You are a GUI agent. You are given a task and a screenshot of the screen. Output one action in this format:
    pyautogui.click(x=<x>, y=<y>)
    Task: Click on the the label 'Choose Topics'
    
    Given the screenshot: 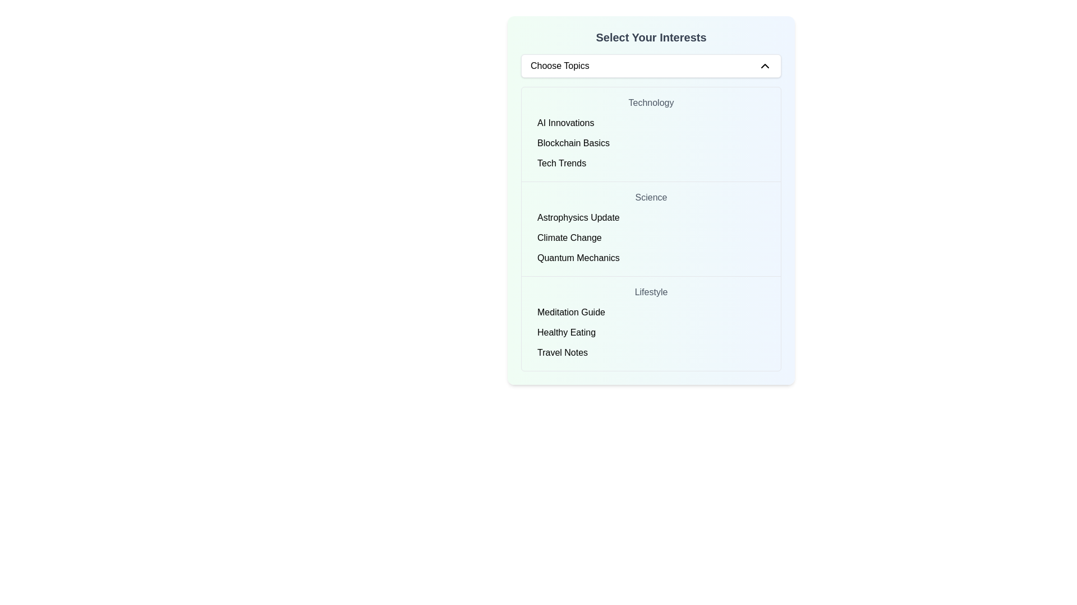 What is the action you would take?
    pyautogui.click(x=560, y=66)
    